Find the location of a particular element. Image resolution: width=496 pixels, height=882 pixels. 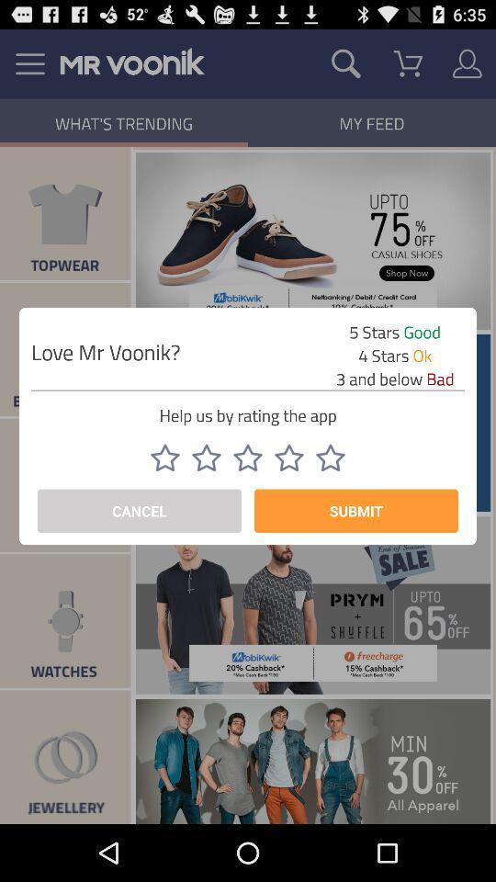

rate 2/5 is located at coordinates (206, 457).